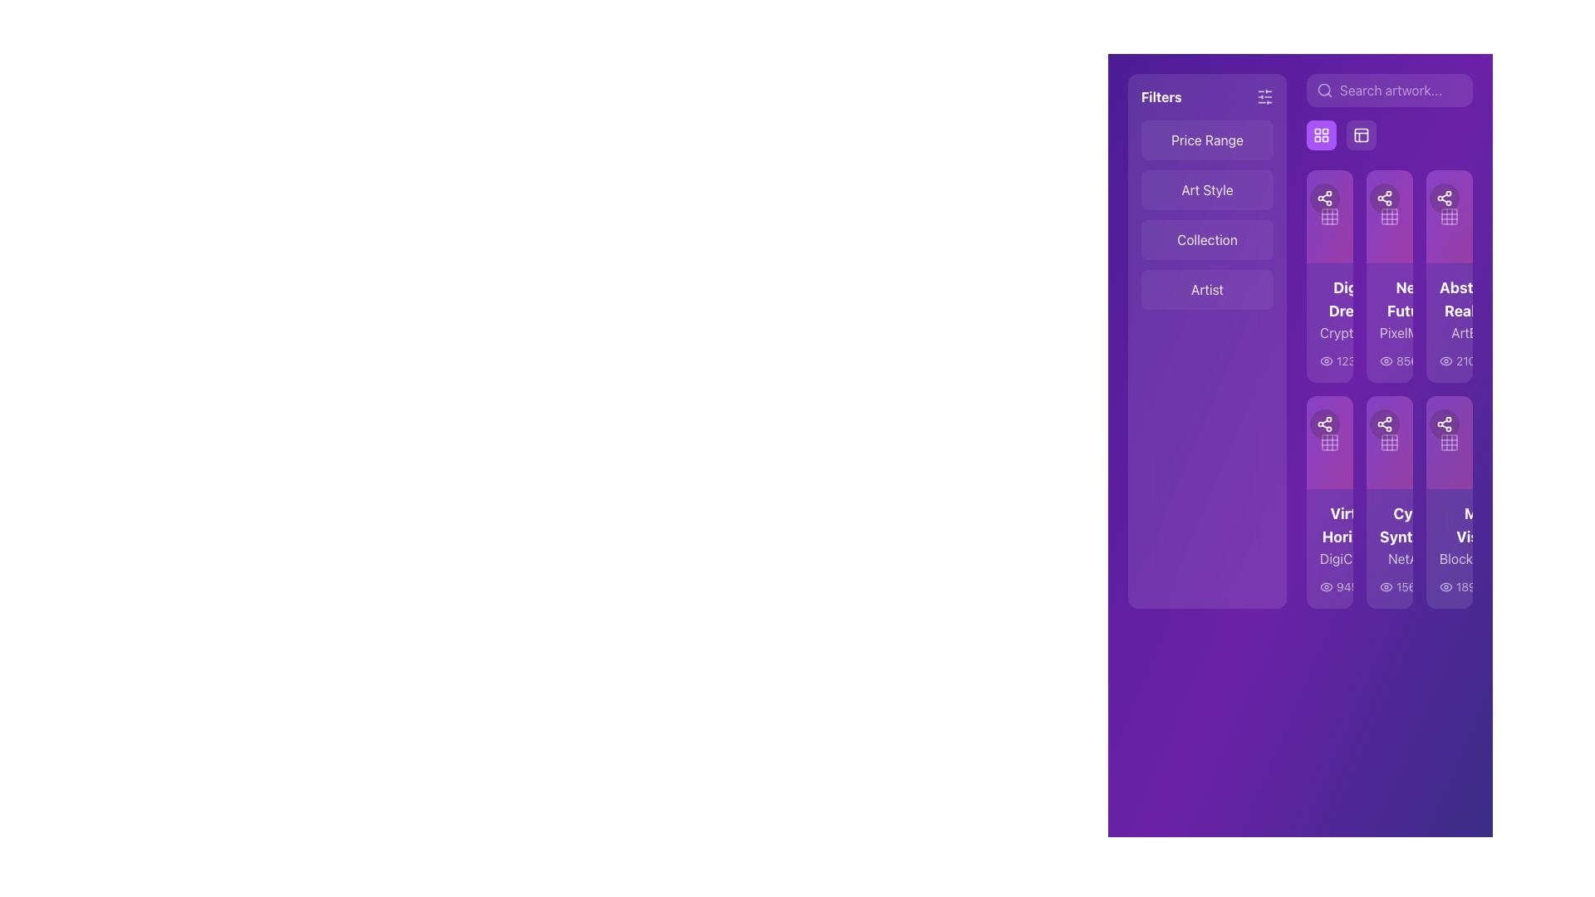 The height and width of the screenshot is (897, 1595). Describe the element at coordinates (1390, 112) in the screenshot. I see `the quick-action buttons in the upper-right corner of the composite UI component` at that location.